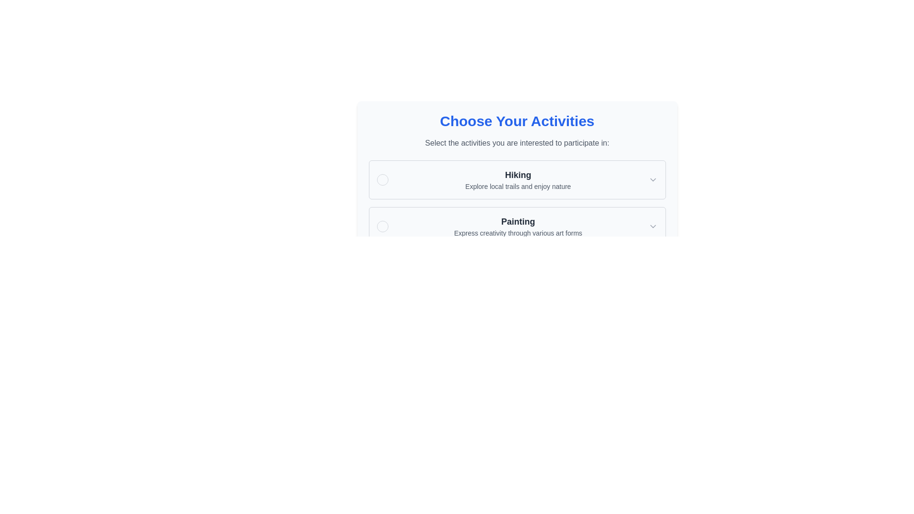  I want to click on the text label providing a brief description of the activity 'Painting', located beneath the header title 'Choose Your Activities', so click(517, 233).